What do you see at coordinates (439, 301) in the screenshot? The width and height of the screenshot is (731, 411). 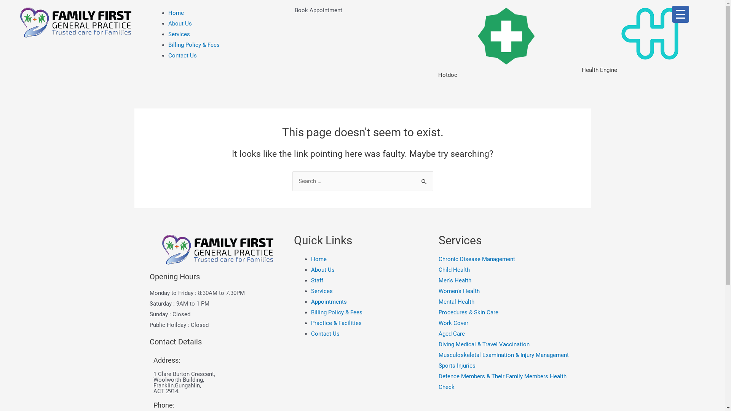 I see `'Mental Health'` at bounding box center [439, 301].